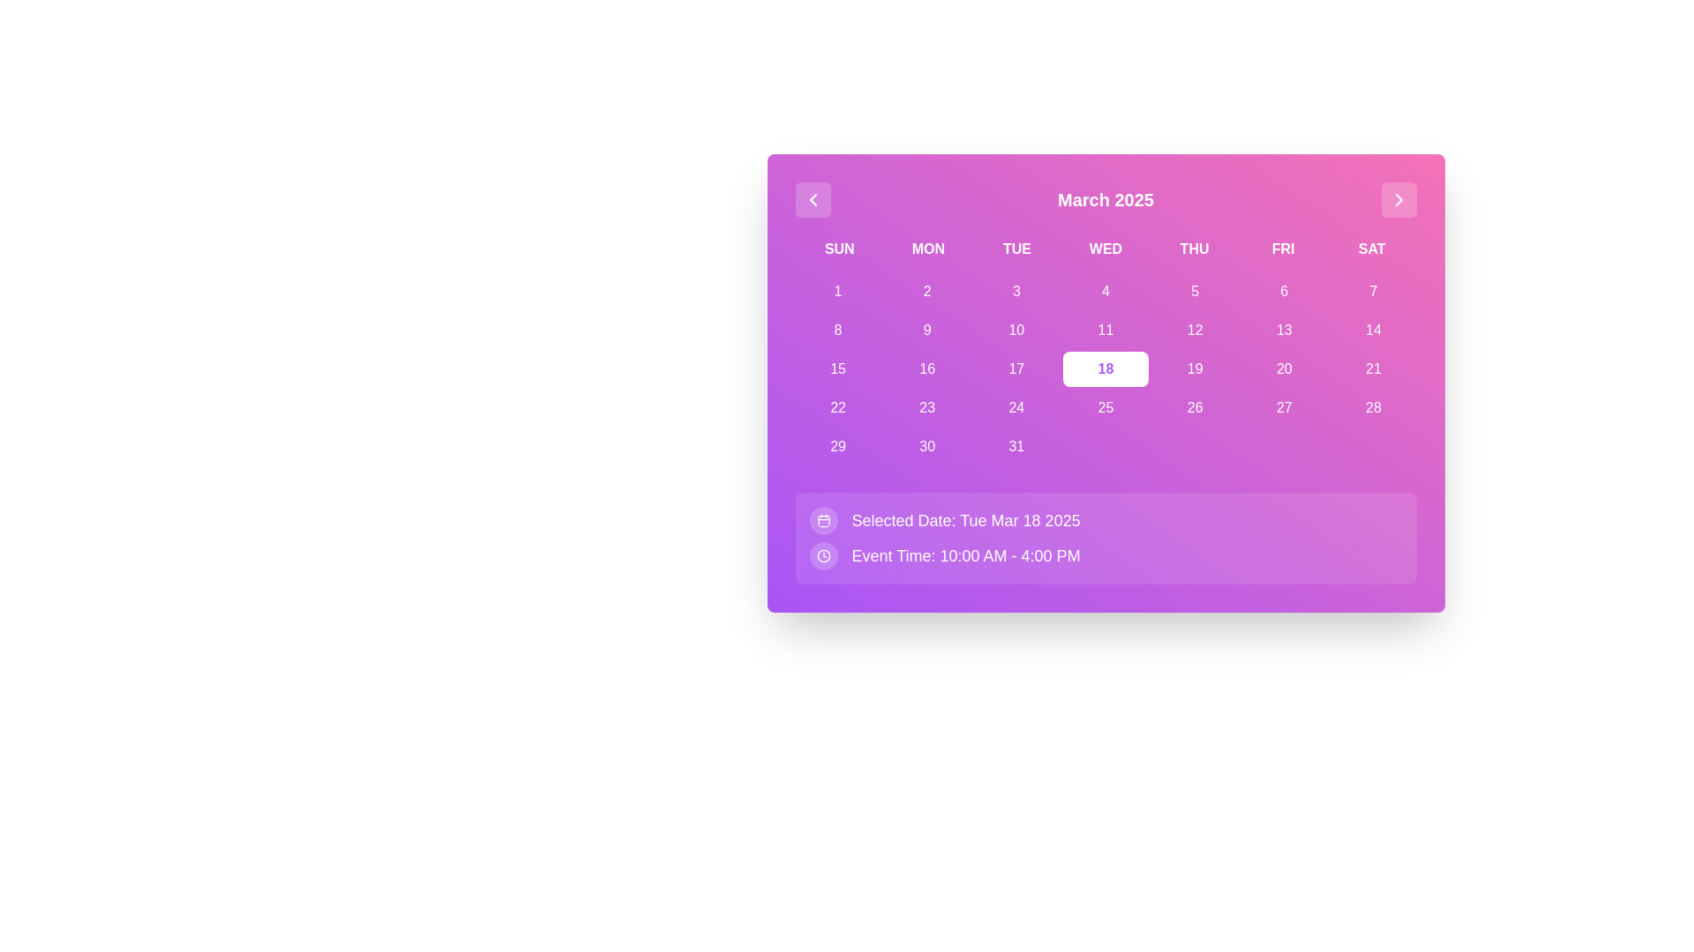 Image resolution: width=1694 pixels, height=952 pixels. Describe the element at coordinates (1195, 291) in the screenshot. I see `the selectable day button representing March 5, 2025, in the calendar grid` at that location.